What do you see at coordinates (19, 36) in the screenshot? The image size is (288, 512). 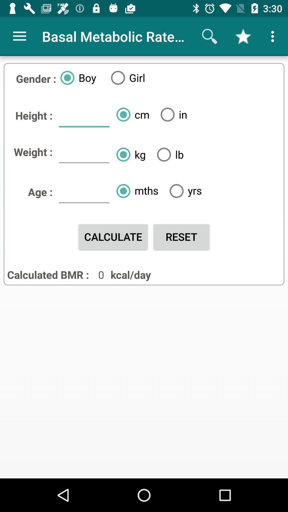 I see `icon above the gender : icon` at bounding box center [19, 36].